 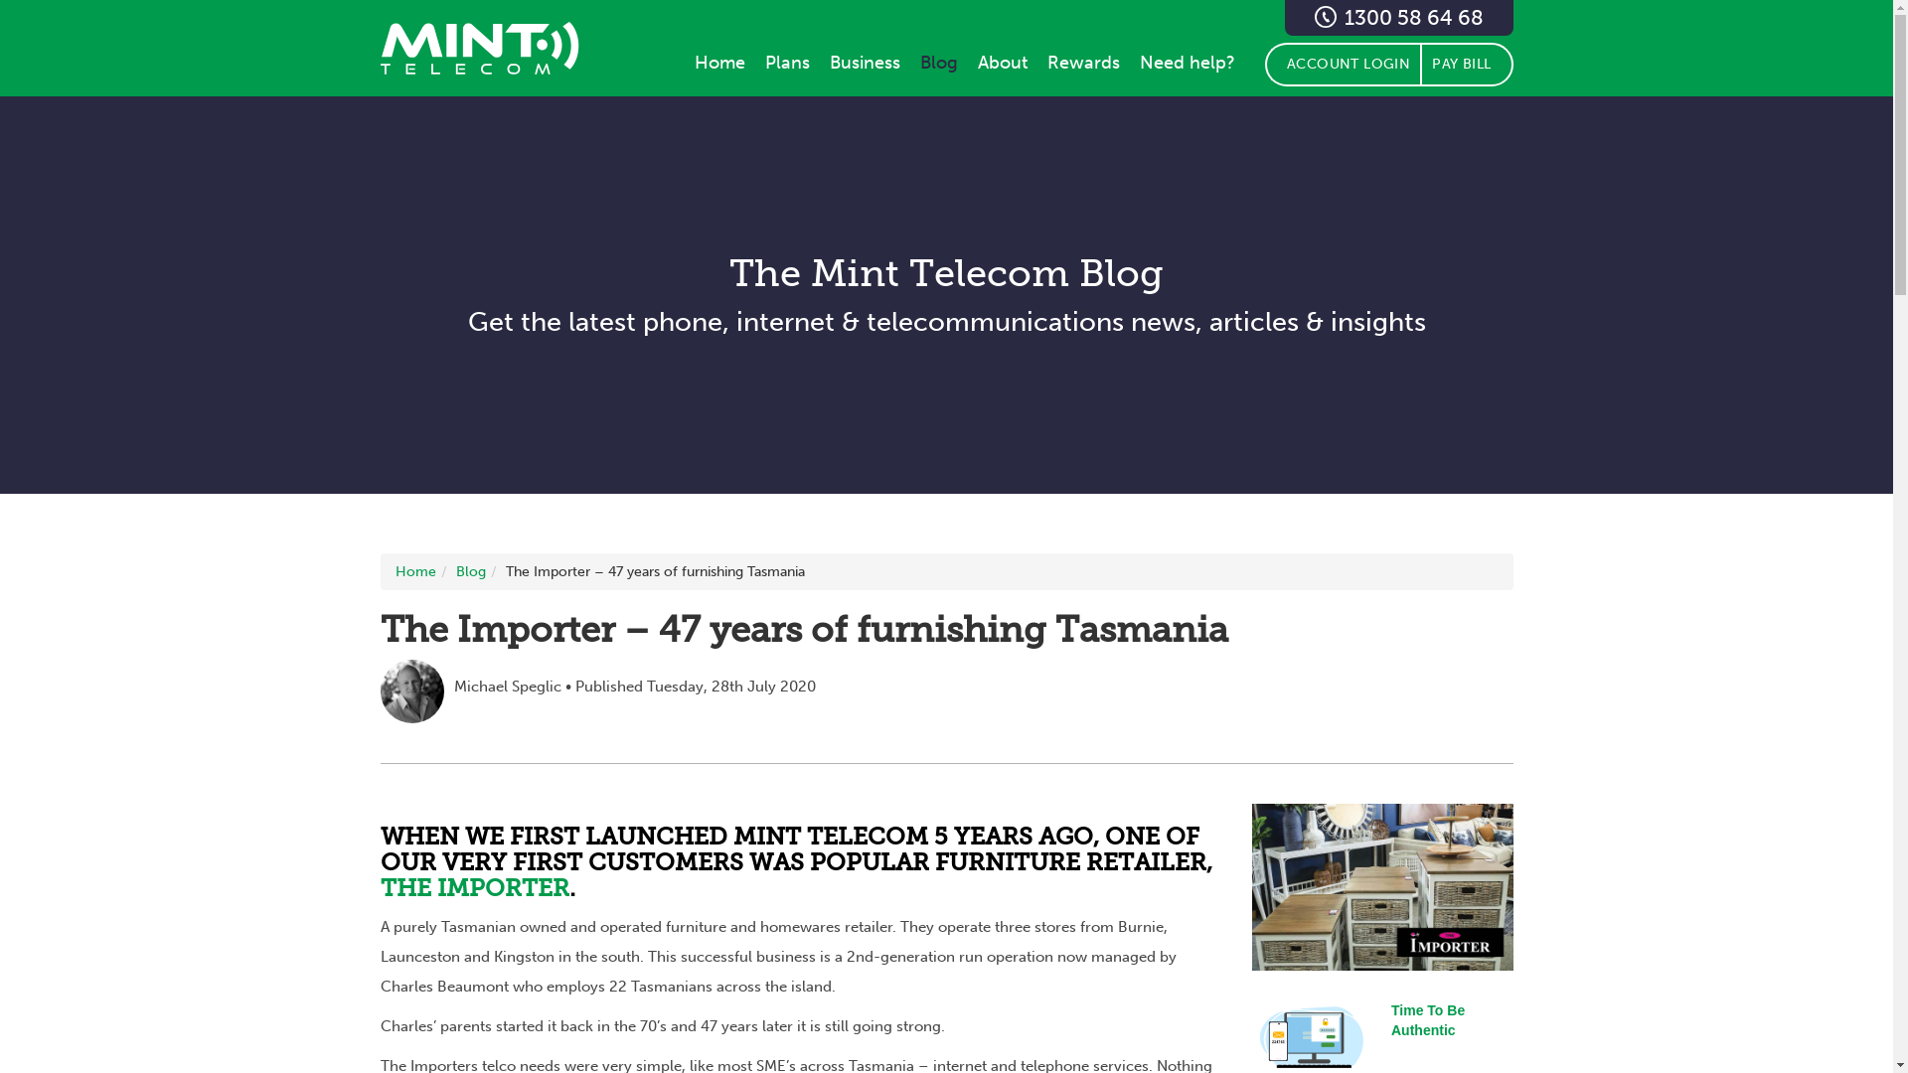 What do you see at coordinates (786, 61) in the screenshot?
I see `'Plans'` at bounding box center [786, 61].